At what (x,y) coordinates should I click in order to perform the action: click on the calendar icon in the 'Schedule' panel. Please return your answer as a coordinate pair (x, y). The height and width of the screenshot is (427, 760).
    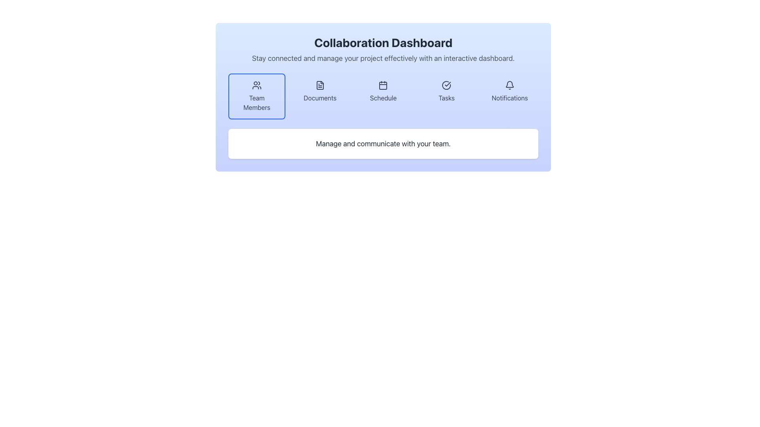
    Looking at the image, I should click on (383, 85).